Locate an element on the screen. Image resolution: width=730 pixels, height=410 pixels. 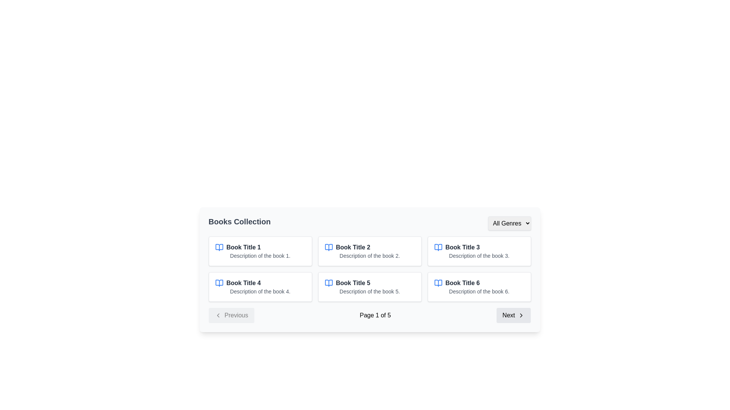
the book icon located on the left side of the entry for 'Book Title 4' under the 'Books Collection' label is located at coordinates (219, 283).